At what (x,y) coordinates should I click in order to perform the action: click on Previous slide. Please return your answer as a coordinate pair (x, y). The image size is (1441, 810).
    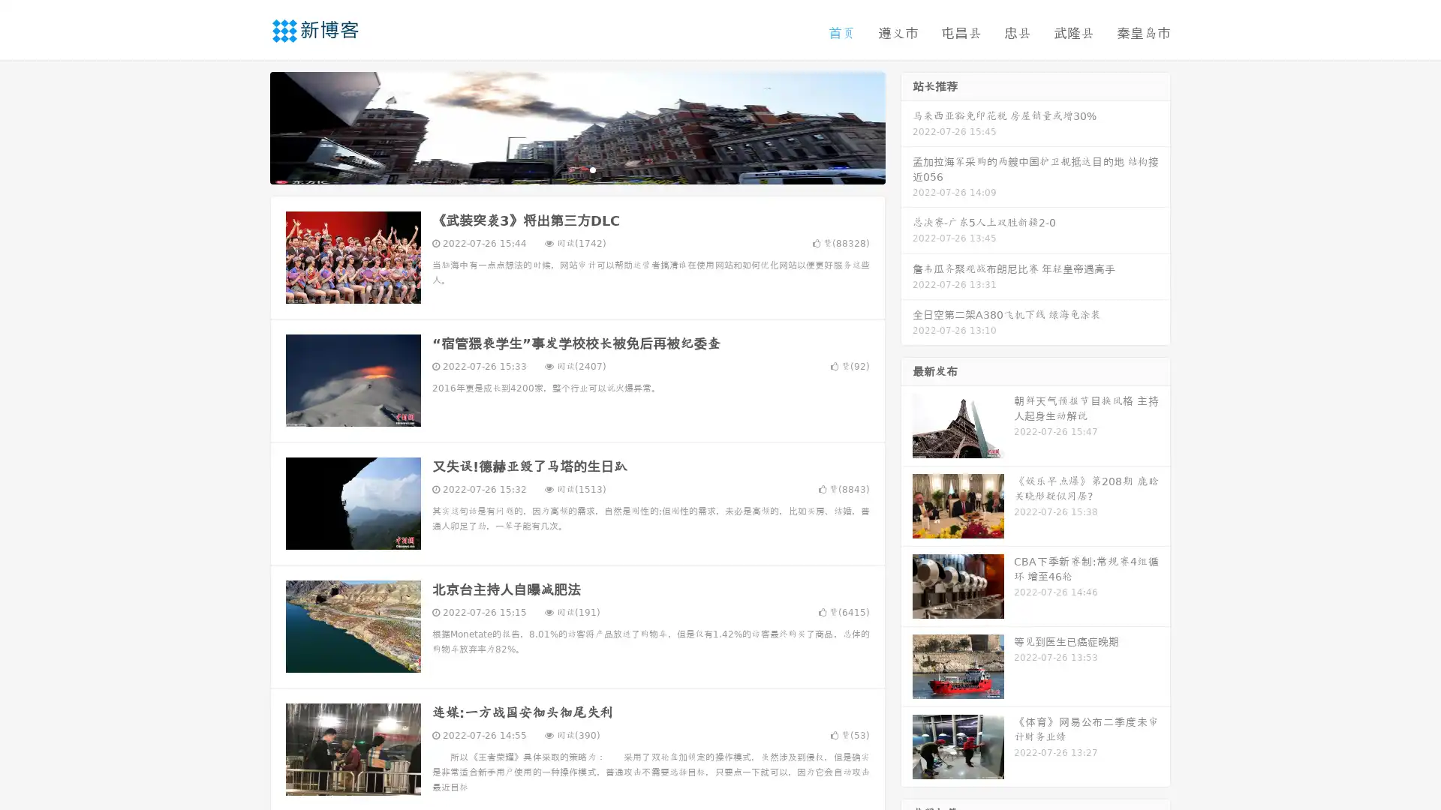
    Looking at the image, I should click on (248, 126).